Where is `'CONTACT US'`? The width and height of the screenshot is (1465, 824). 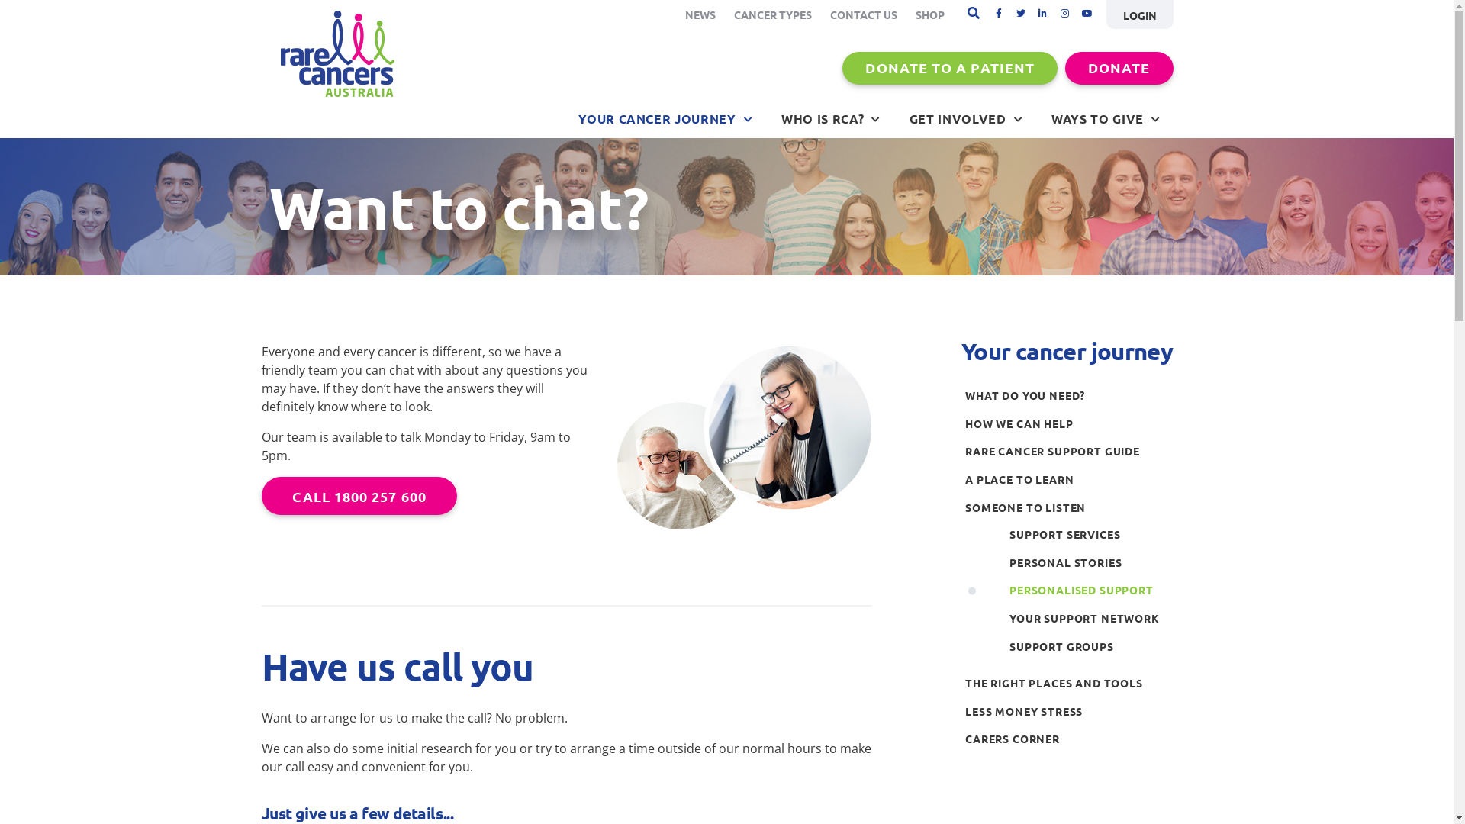
'CONTACT US' is located at coordinates (864, 14).